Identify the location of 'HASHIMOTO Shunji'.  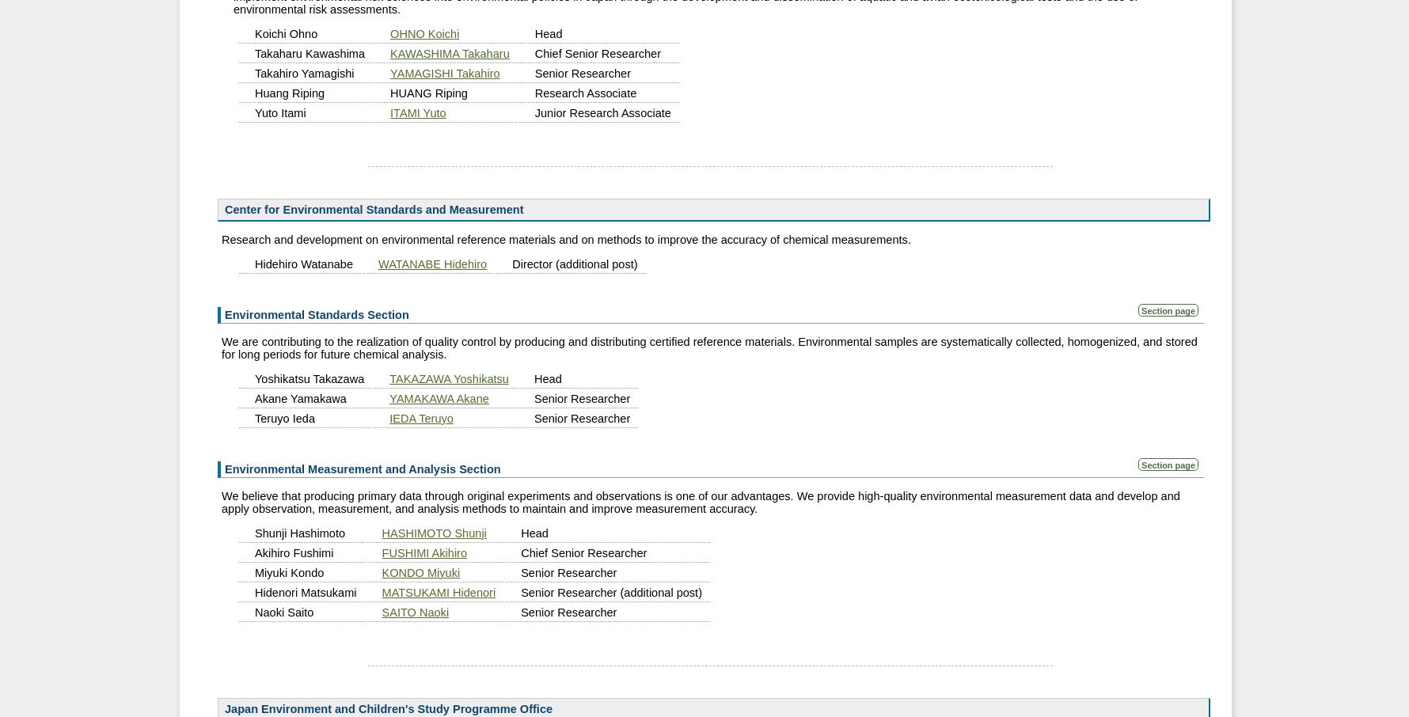
(433, 531).